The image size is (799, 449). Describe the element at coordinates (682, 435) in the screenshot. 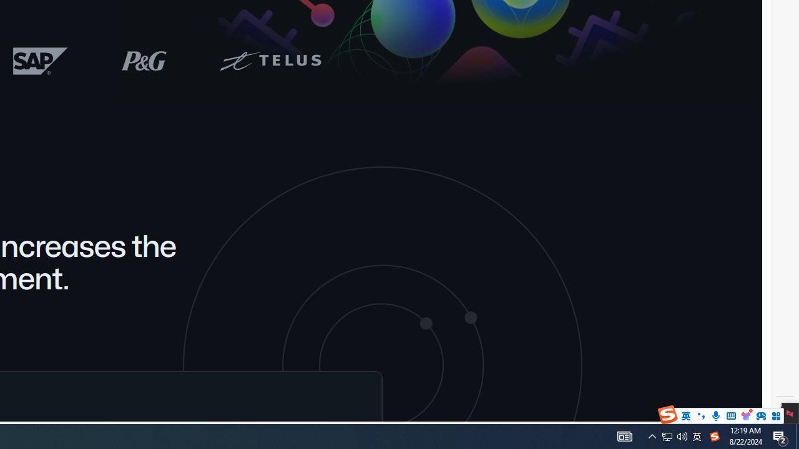

I see `'Q2790: 100%'` at that location.